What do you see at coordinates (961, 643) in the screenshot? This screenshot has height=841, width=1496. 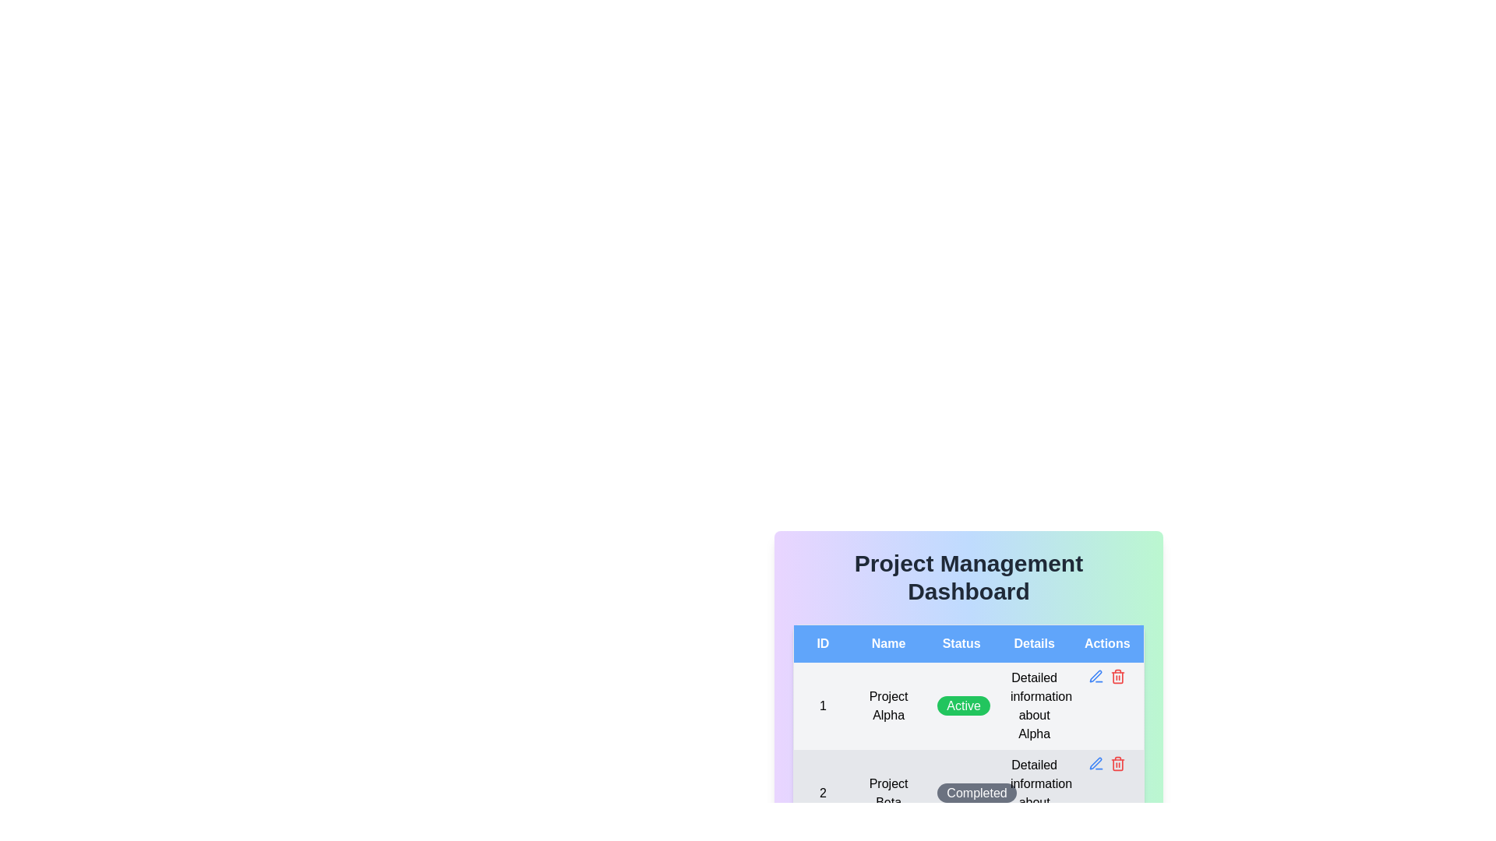 I see `the 'Status' text label, which is the third item in the row of column headers in the table, positioned between 'Name' and 'Details'` at bounding box center [961, 643].